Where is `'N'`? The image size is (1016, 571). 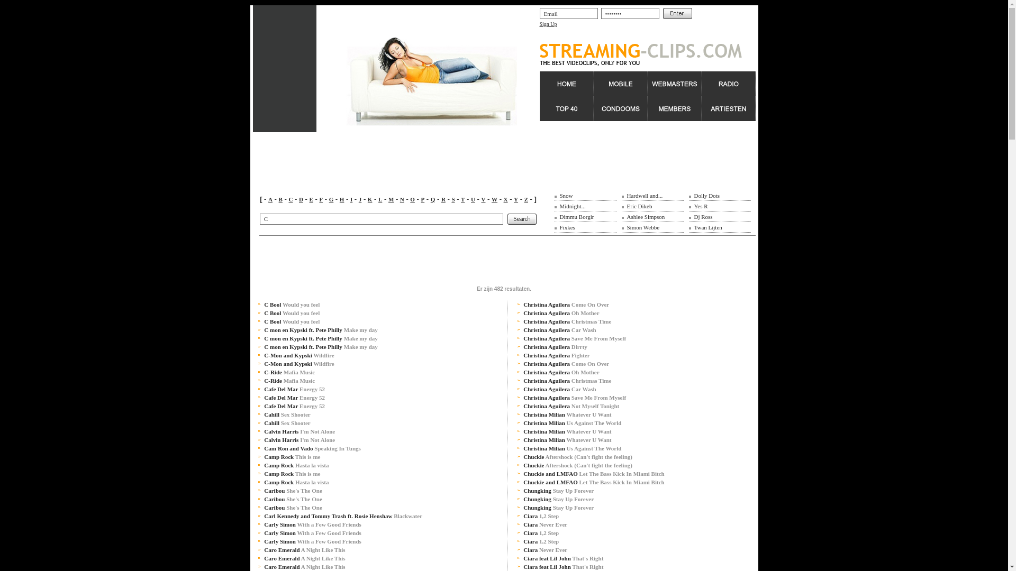
'N' is located at coordinates (401, 199).